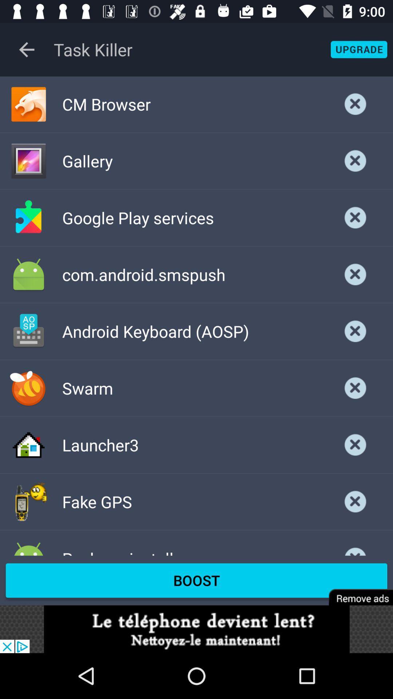 This screenshot has height=699, width=393. I want to click on button, so click(355, 388).